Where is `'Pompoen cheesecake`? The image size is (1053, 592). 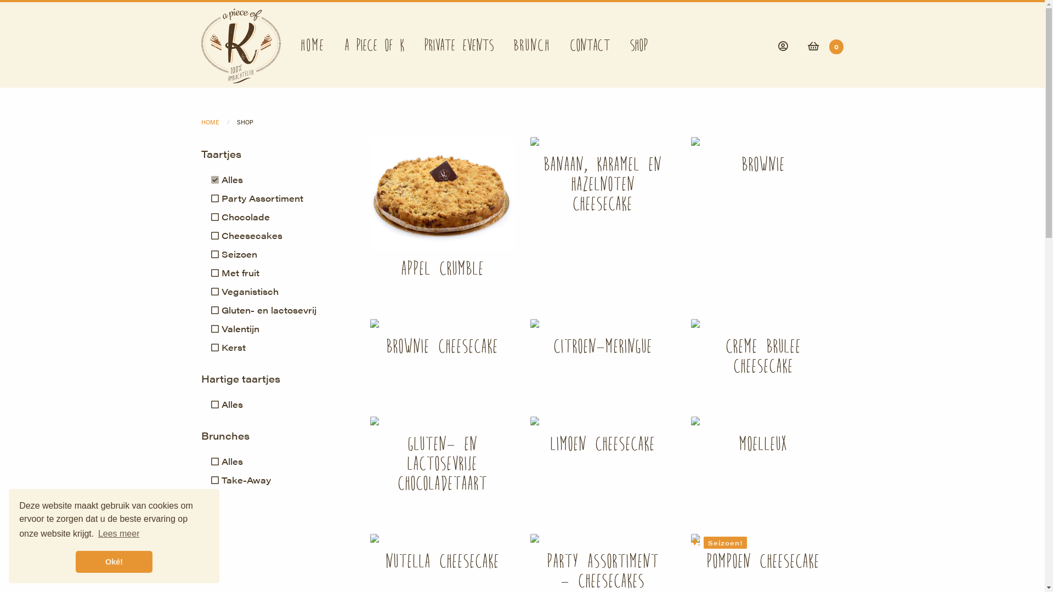 'Pompoen cheesecake is located at coordinates (762, 558).